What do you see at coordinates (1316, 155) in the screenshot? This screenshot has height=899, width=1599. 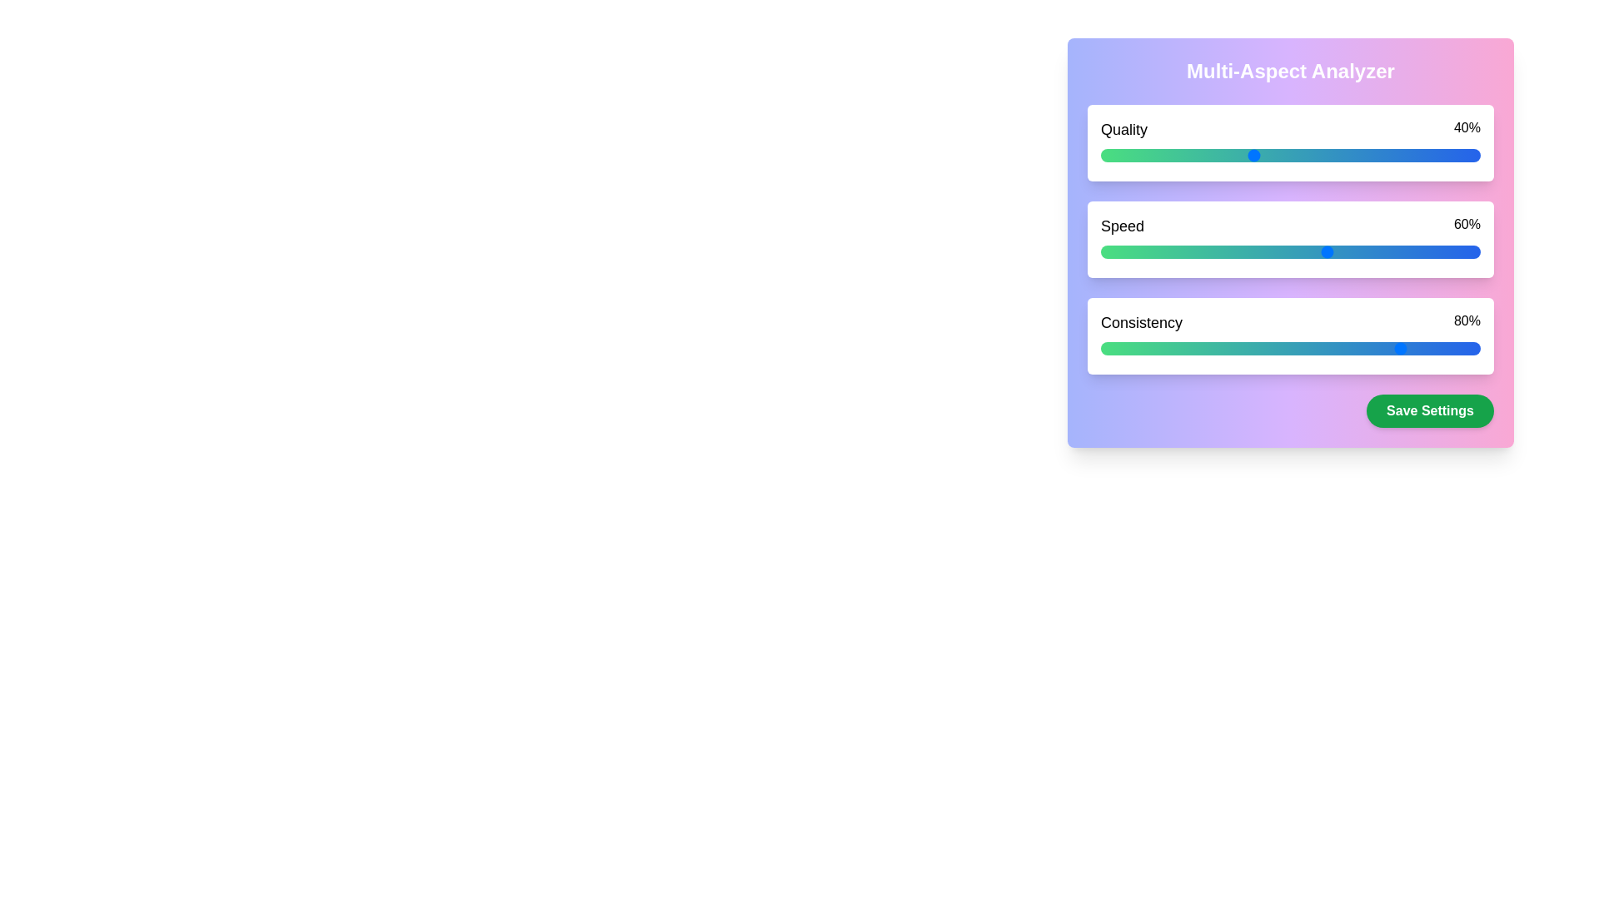 I see `quality` at bounding box center [1316, 155].